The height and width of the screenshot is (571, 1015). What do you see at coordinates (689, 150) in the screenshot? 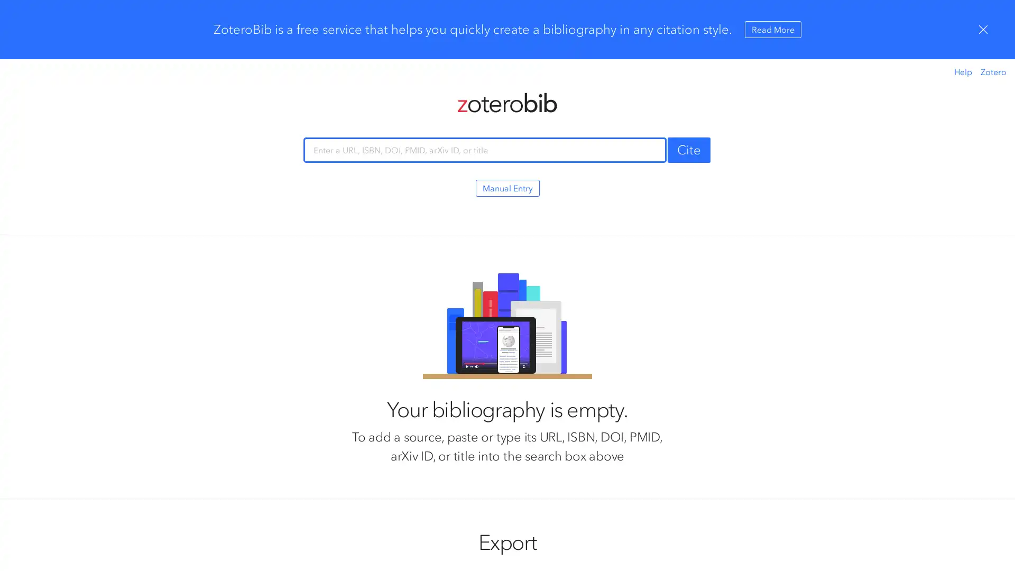
I see `Cite` at bounding box center [689, 150].